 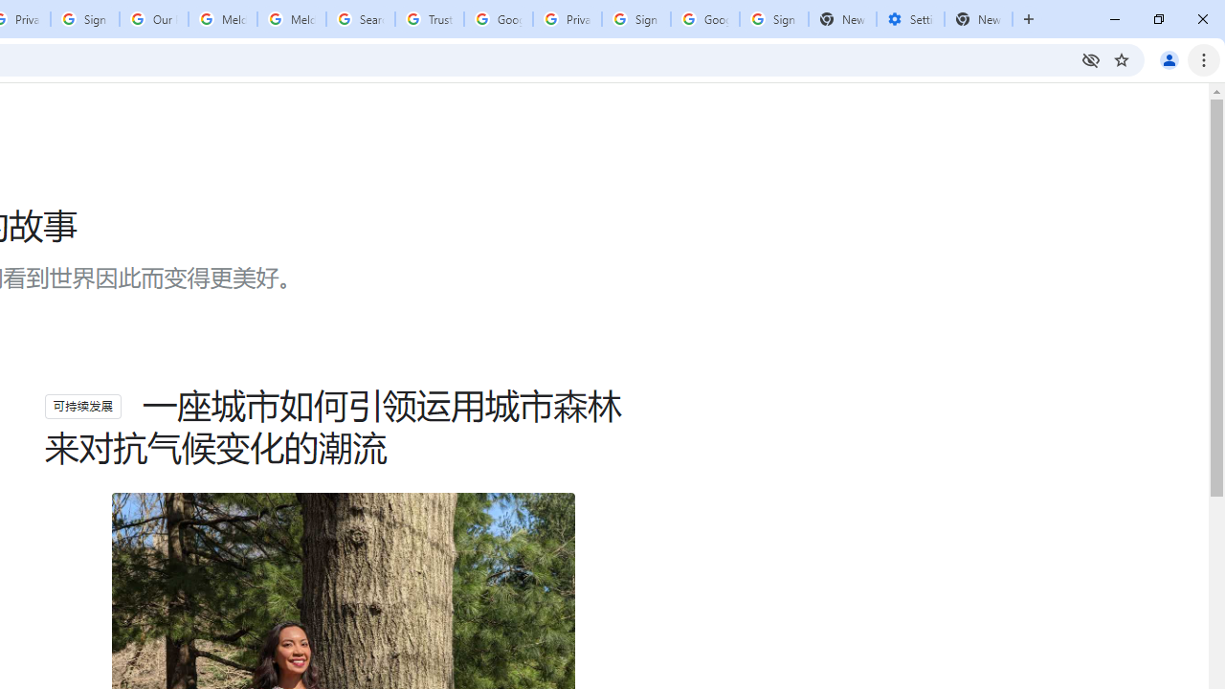 What do you see at coordinates (704, 19) in the screenshot?
I see `'Google Cybersecurity Innovations - Google Safety Center'` at bounding box center [704, 19].